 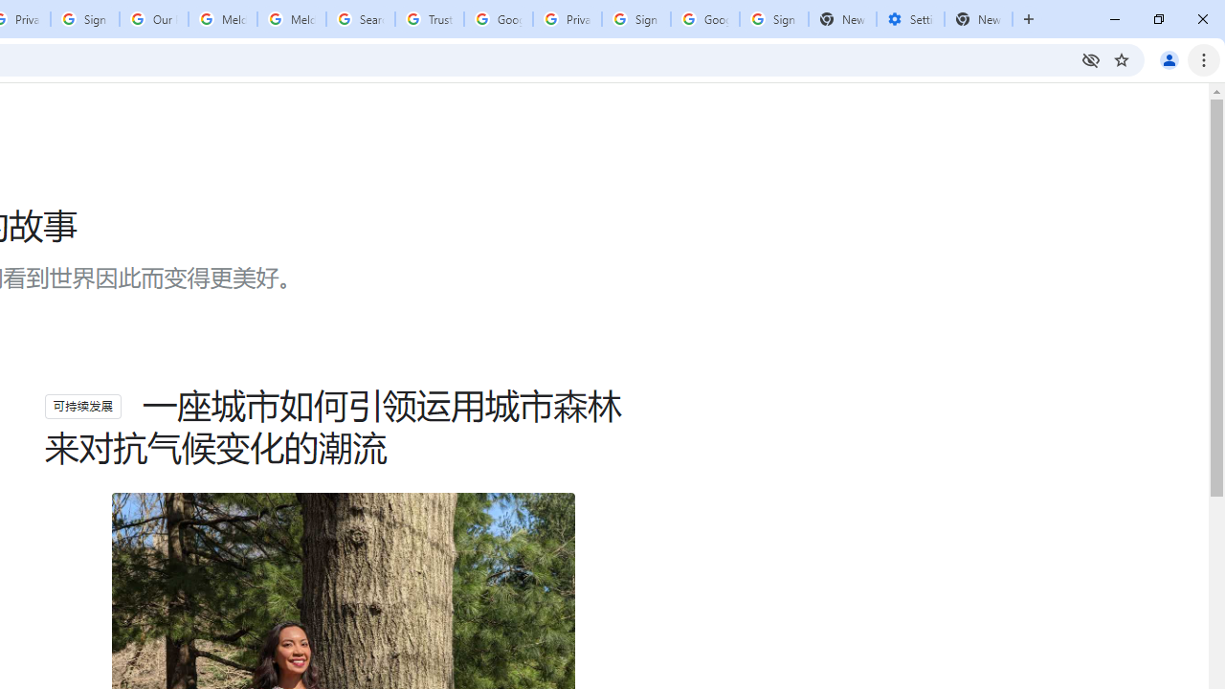 What do you see at coordinates (704, 19) in the screenshot?
I see `'Google Cybersecurity Innovations - Google Safety Center'` at bounding box center [704, 19].